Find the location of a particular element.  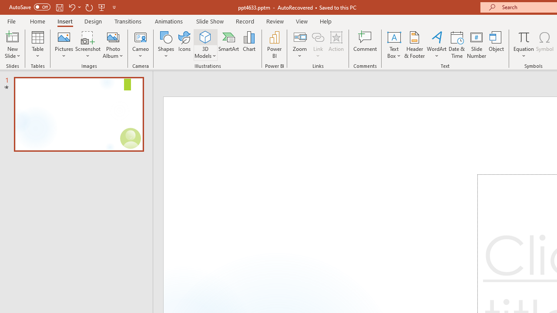

'Date & Time...' is located at coordinates (456, 45).